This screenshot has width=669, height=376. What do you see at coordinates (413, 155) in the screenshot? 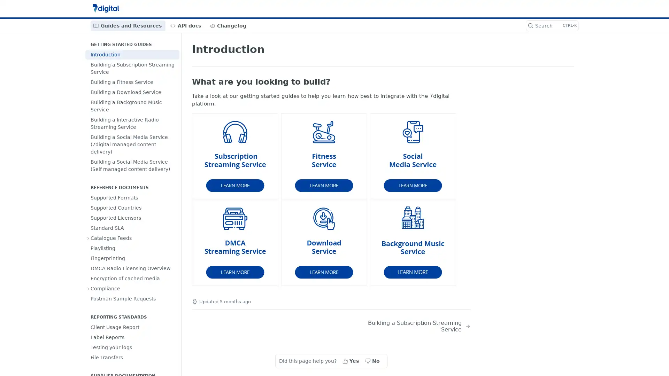
I see `homepage` at bounding box center [413, 155].